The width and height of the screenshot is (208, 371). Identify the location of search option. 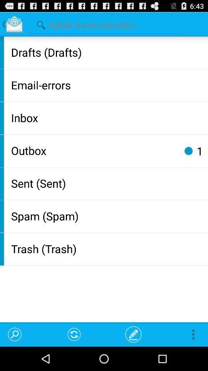
(105, 24).